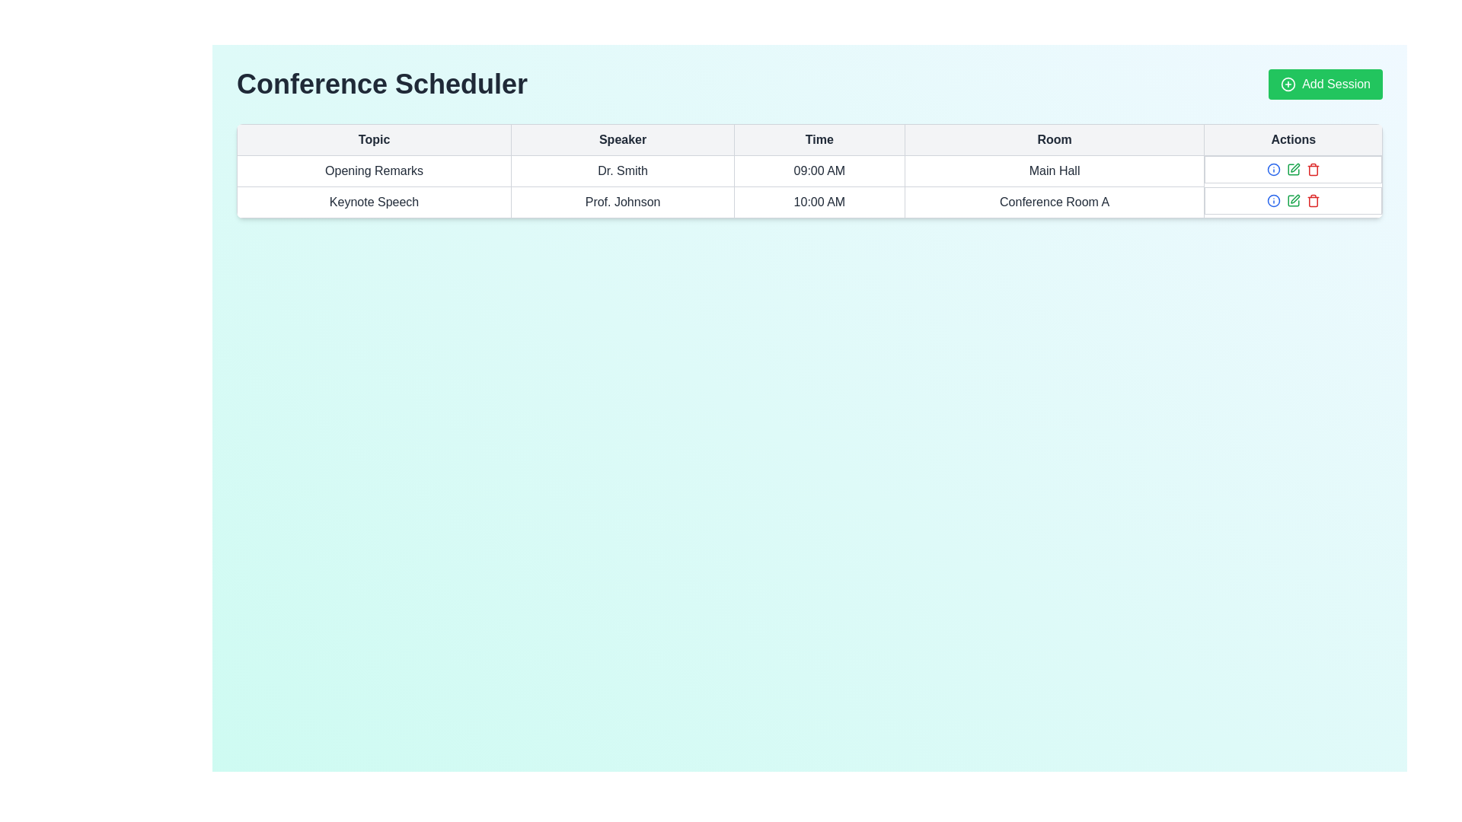 The height and width of the screenshot is (822, 1462). Describe the element at coordinates (623, 202) in the screenshot. I see `the text label displaying 'Prof. Johnson' in the 'Speaker' column of the second row of the table, which is bordered and padded, located between 'Keynote Speech' and '10:00 AM'` at that location.